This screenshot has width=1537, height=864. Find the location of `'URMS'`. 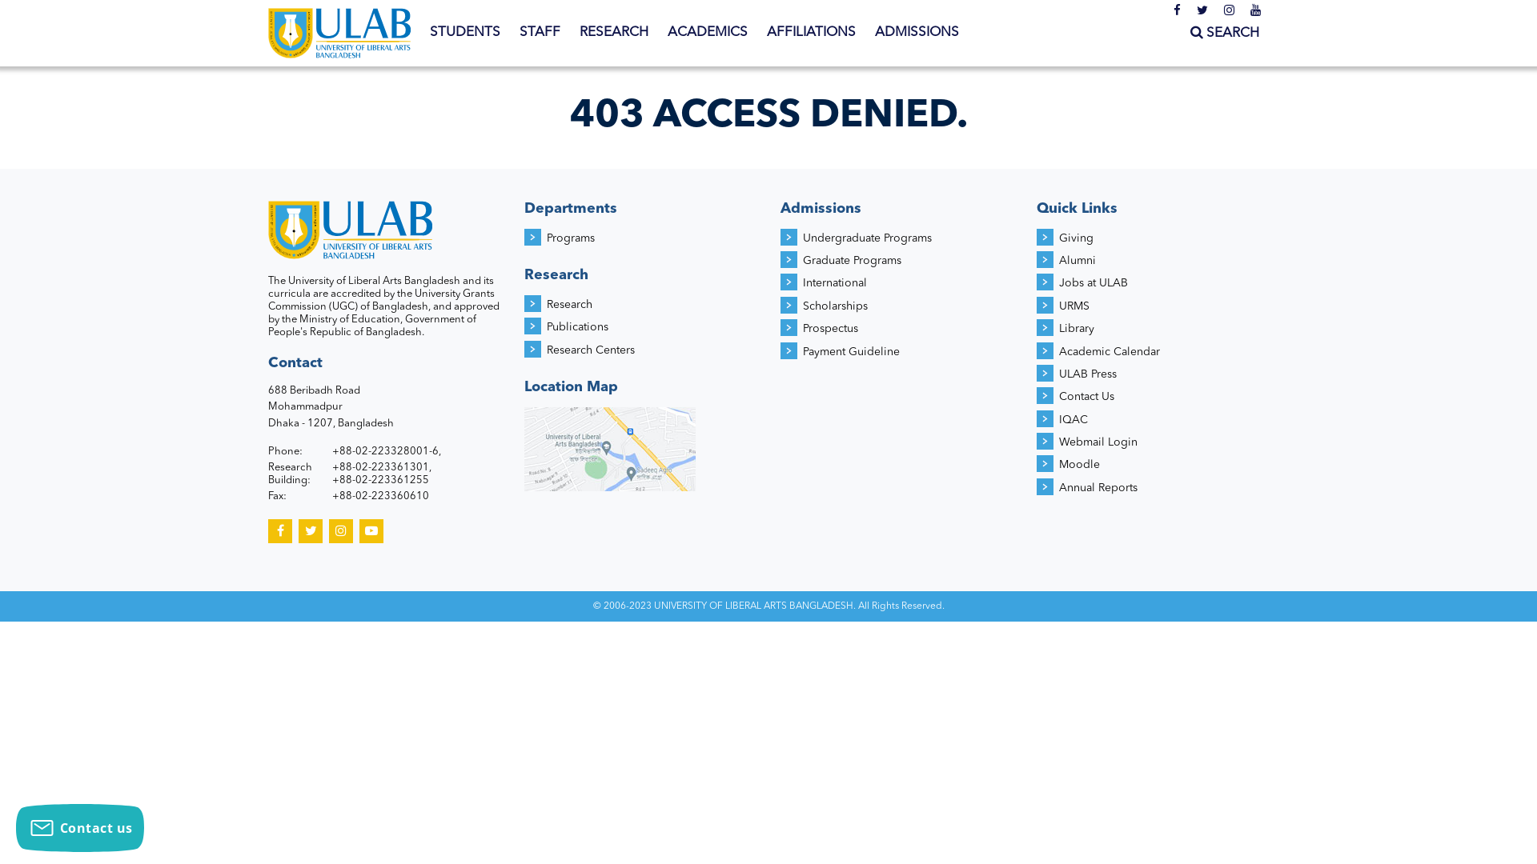

'URMS' is located at coordinates (1074, 306).